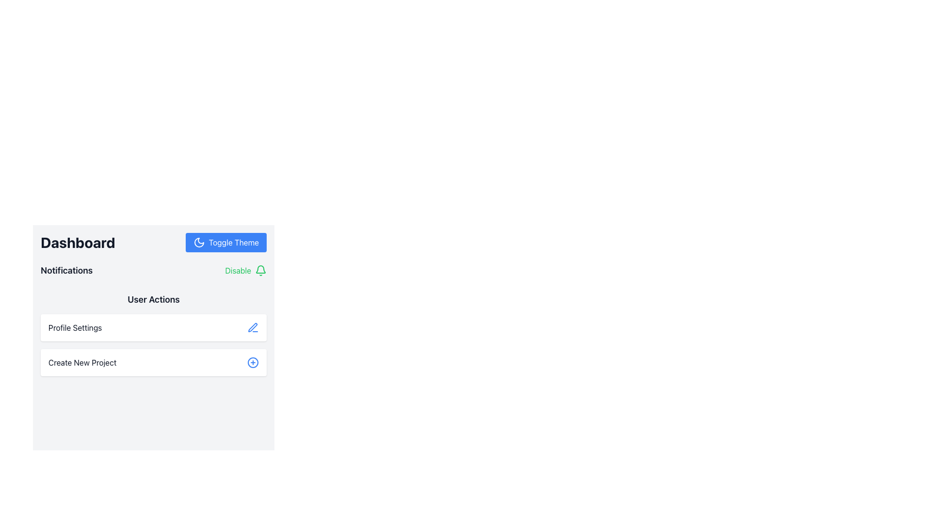  Describe the element at coordinates (253, 362) in the screenshot. I see `the blue circular icon with a plus symbol inside it, located to the right of the 'Create New Project' button in the 'User Actions' section, to initiate a new project creation` at that location.